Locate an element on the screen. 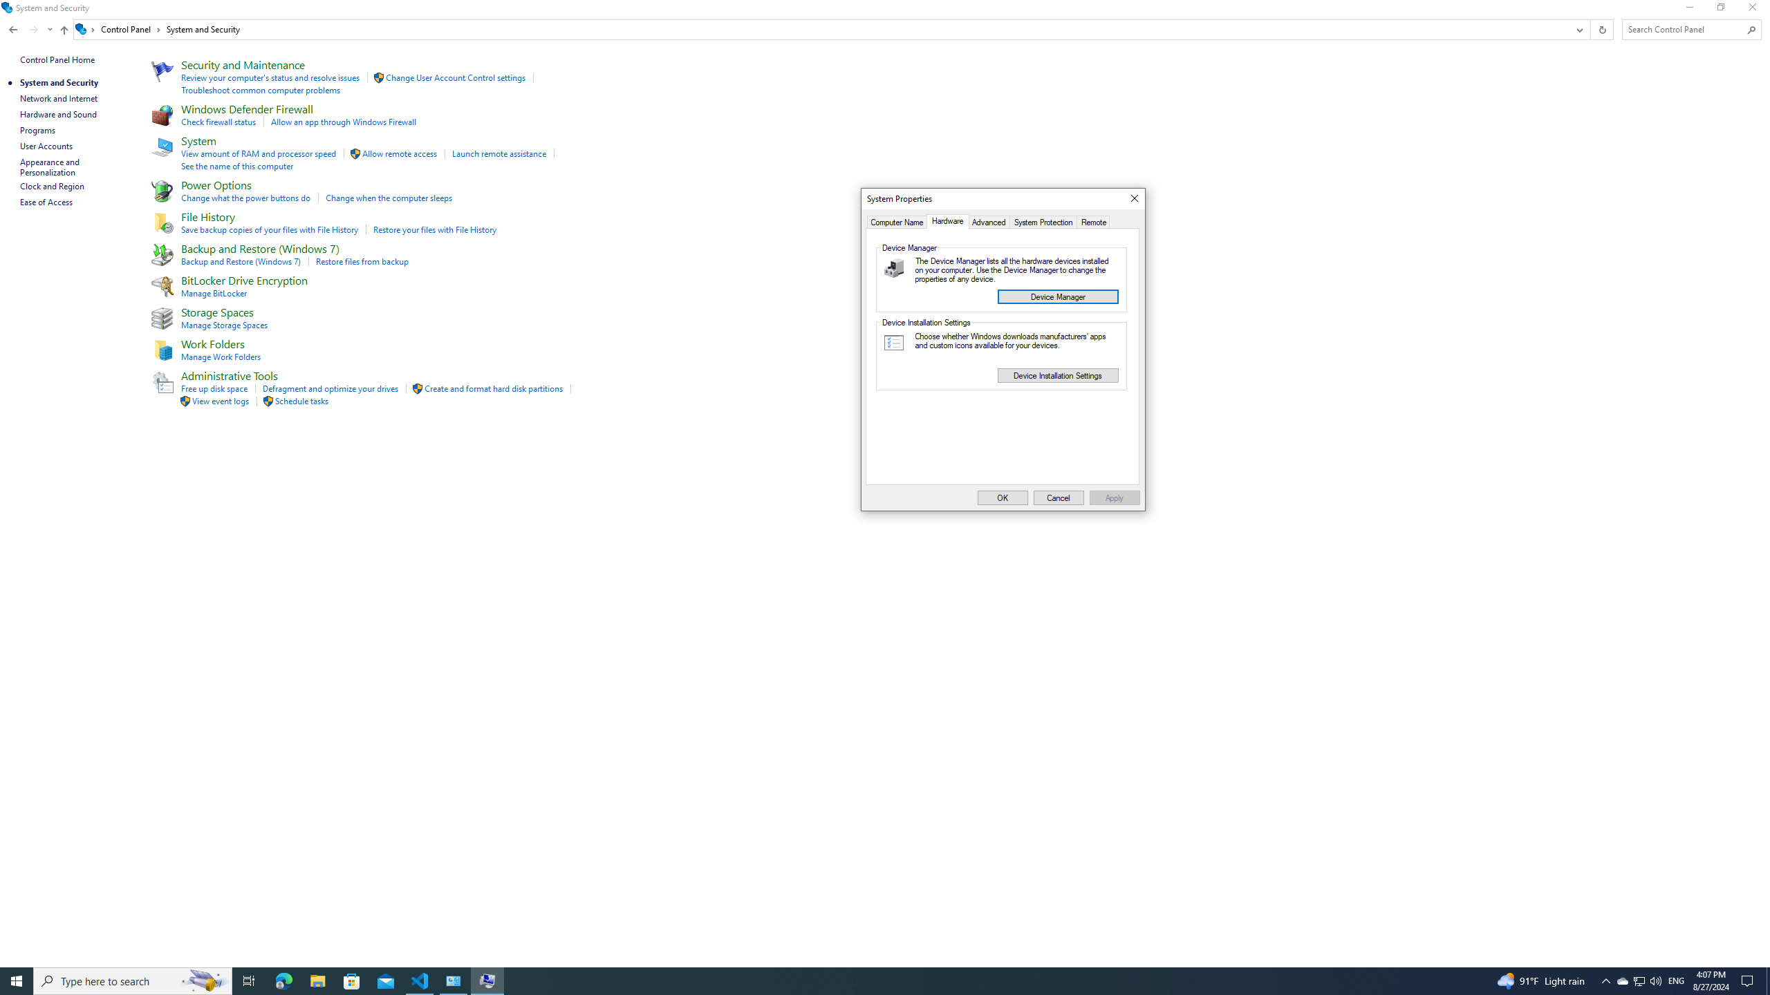 This screenshot has width=1770, height=995. 'System Remote Settings - 1 running window' is located at coordinates (487, 980).